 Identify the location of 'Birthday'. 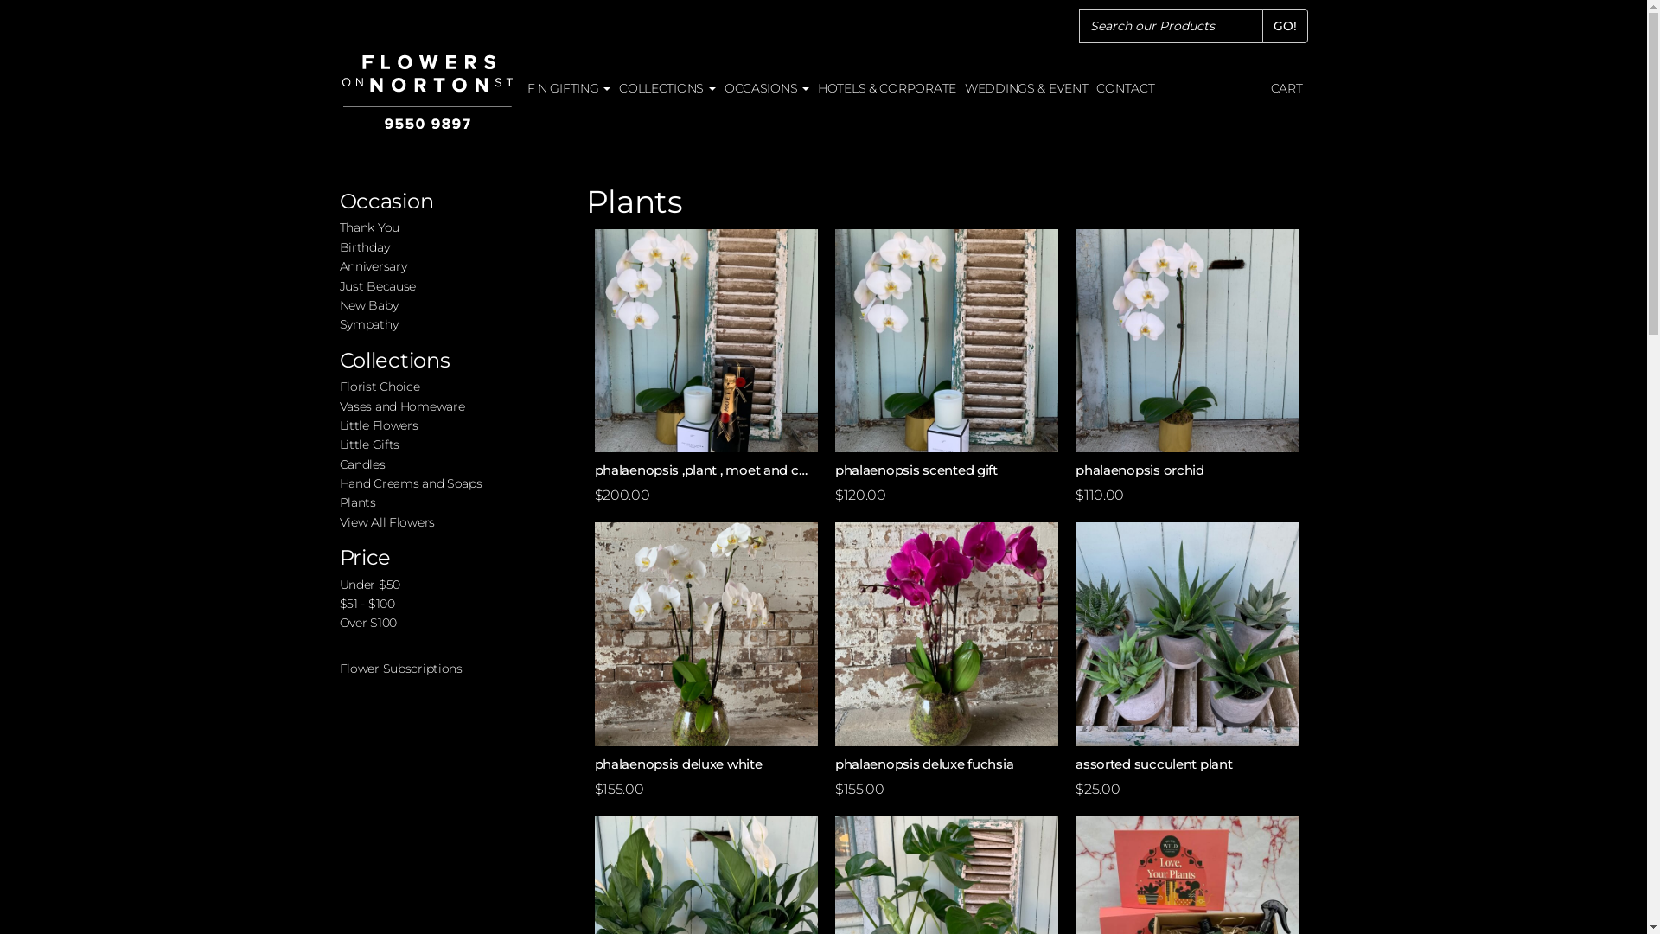
(339, 246).